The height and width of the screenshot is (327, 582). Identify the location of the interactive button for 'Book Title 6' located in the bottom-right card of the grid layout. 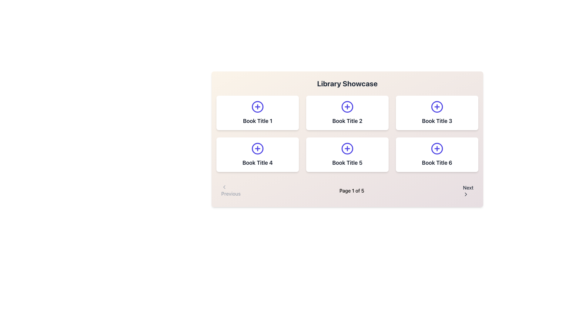
(437, 148).